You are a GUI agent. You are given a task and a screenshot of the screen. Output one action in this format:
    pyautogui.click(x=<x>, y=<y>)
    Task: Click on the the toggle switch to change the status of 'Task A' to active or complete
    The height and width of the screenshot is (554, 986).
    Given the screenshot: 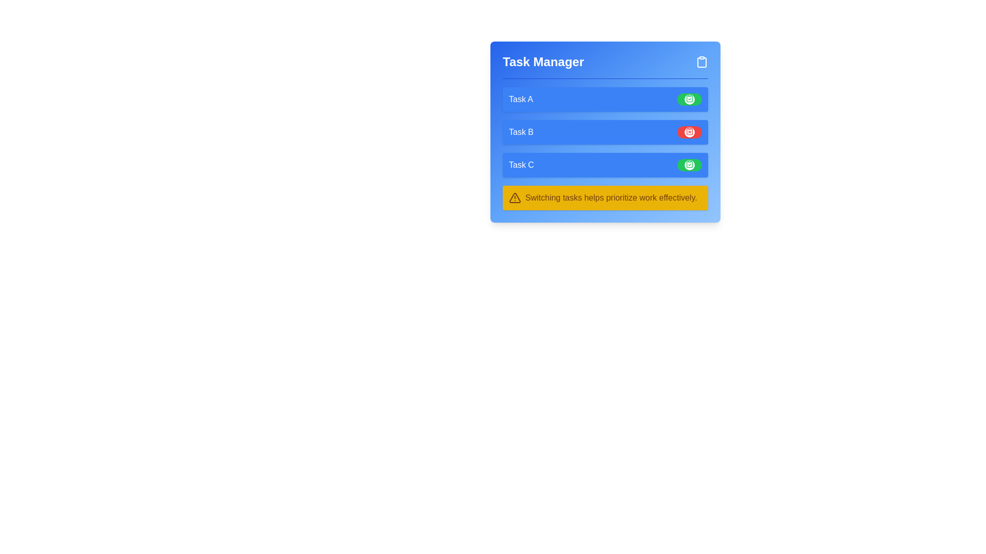 What is the action you would take?
    pyautogui.click(x=690, y=99)
    